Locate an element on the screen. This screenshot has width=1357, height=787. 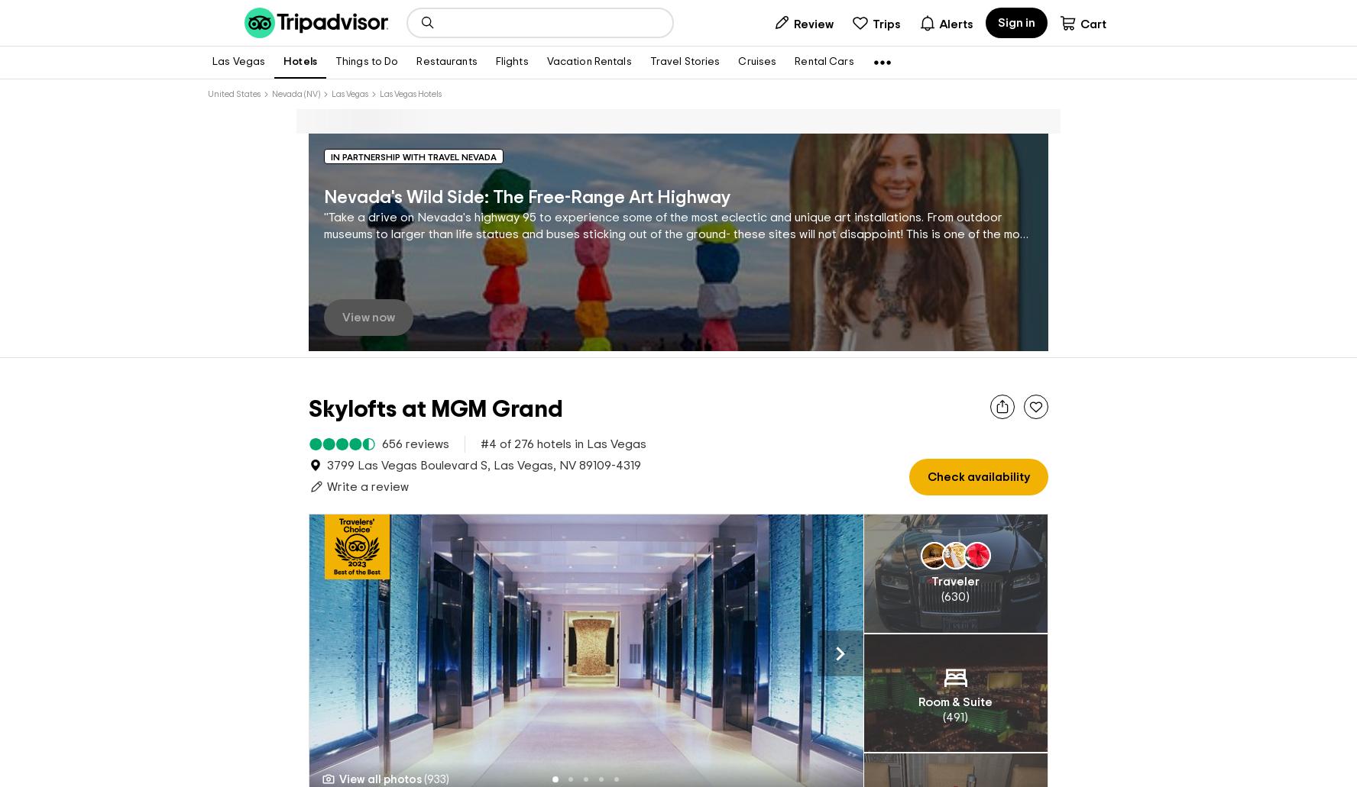
'656' is located at coordinates (391, 419).